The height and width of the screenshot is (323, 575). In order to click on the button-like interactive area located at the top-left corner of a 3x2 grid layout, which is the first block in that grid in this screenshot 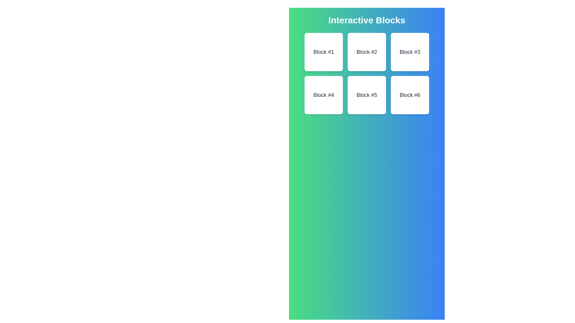, I will do `click(323, 51)`.